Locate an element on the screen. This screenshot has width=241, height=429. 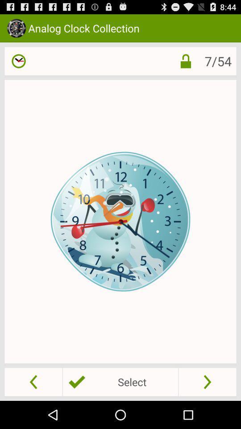
or change the time is located at coordinates (19, 60).